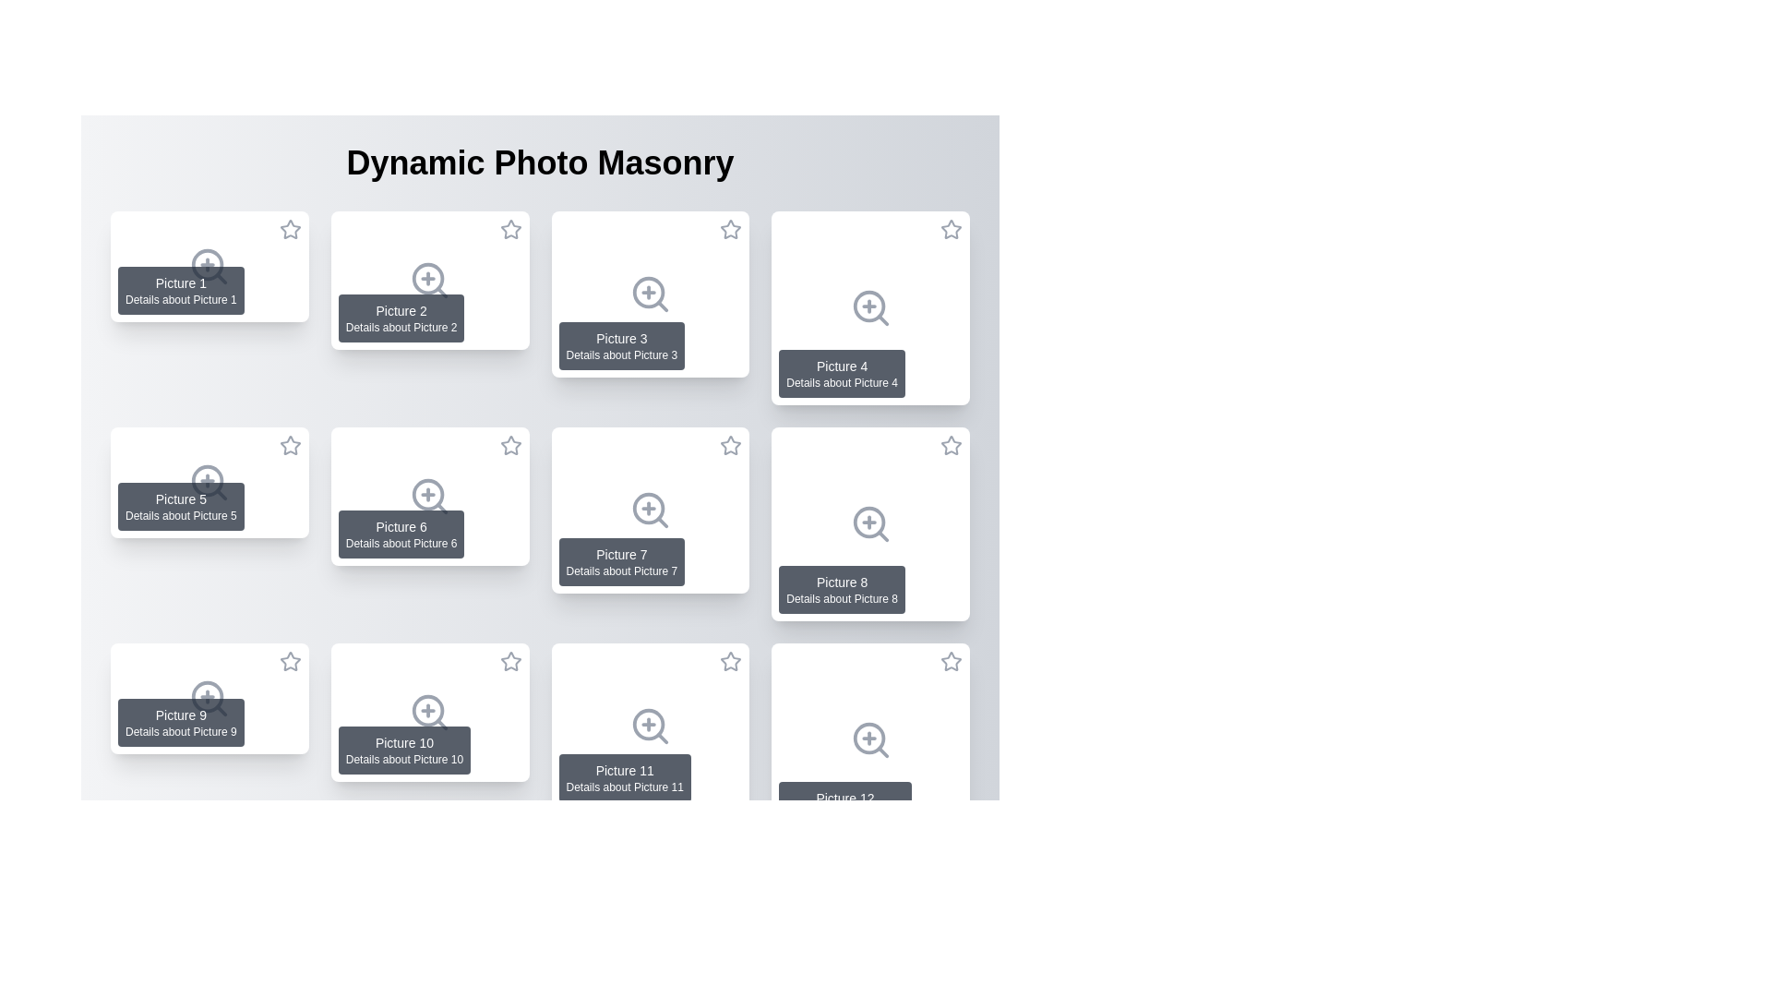  Describe the element at coordinates (289, 232) in the screenshot. I see `the grayish hollow star icon located in the upper-right corner of the 'Picture 1' card` at that location.